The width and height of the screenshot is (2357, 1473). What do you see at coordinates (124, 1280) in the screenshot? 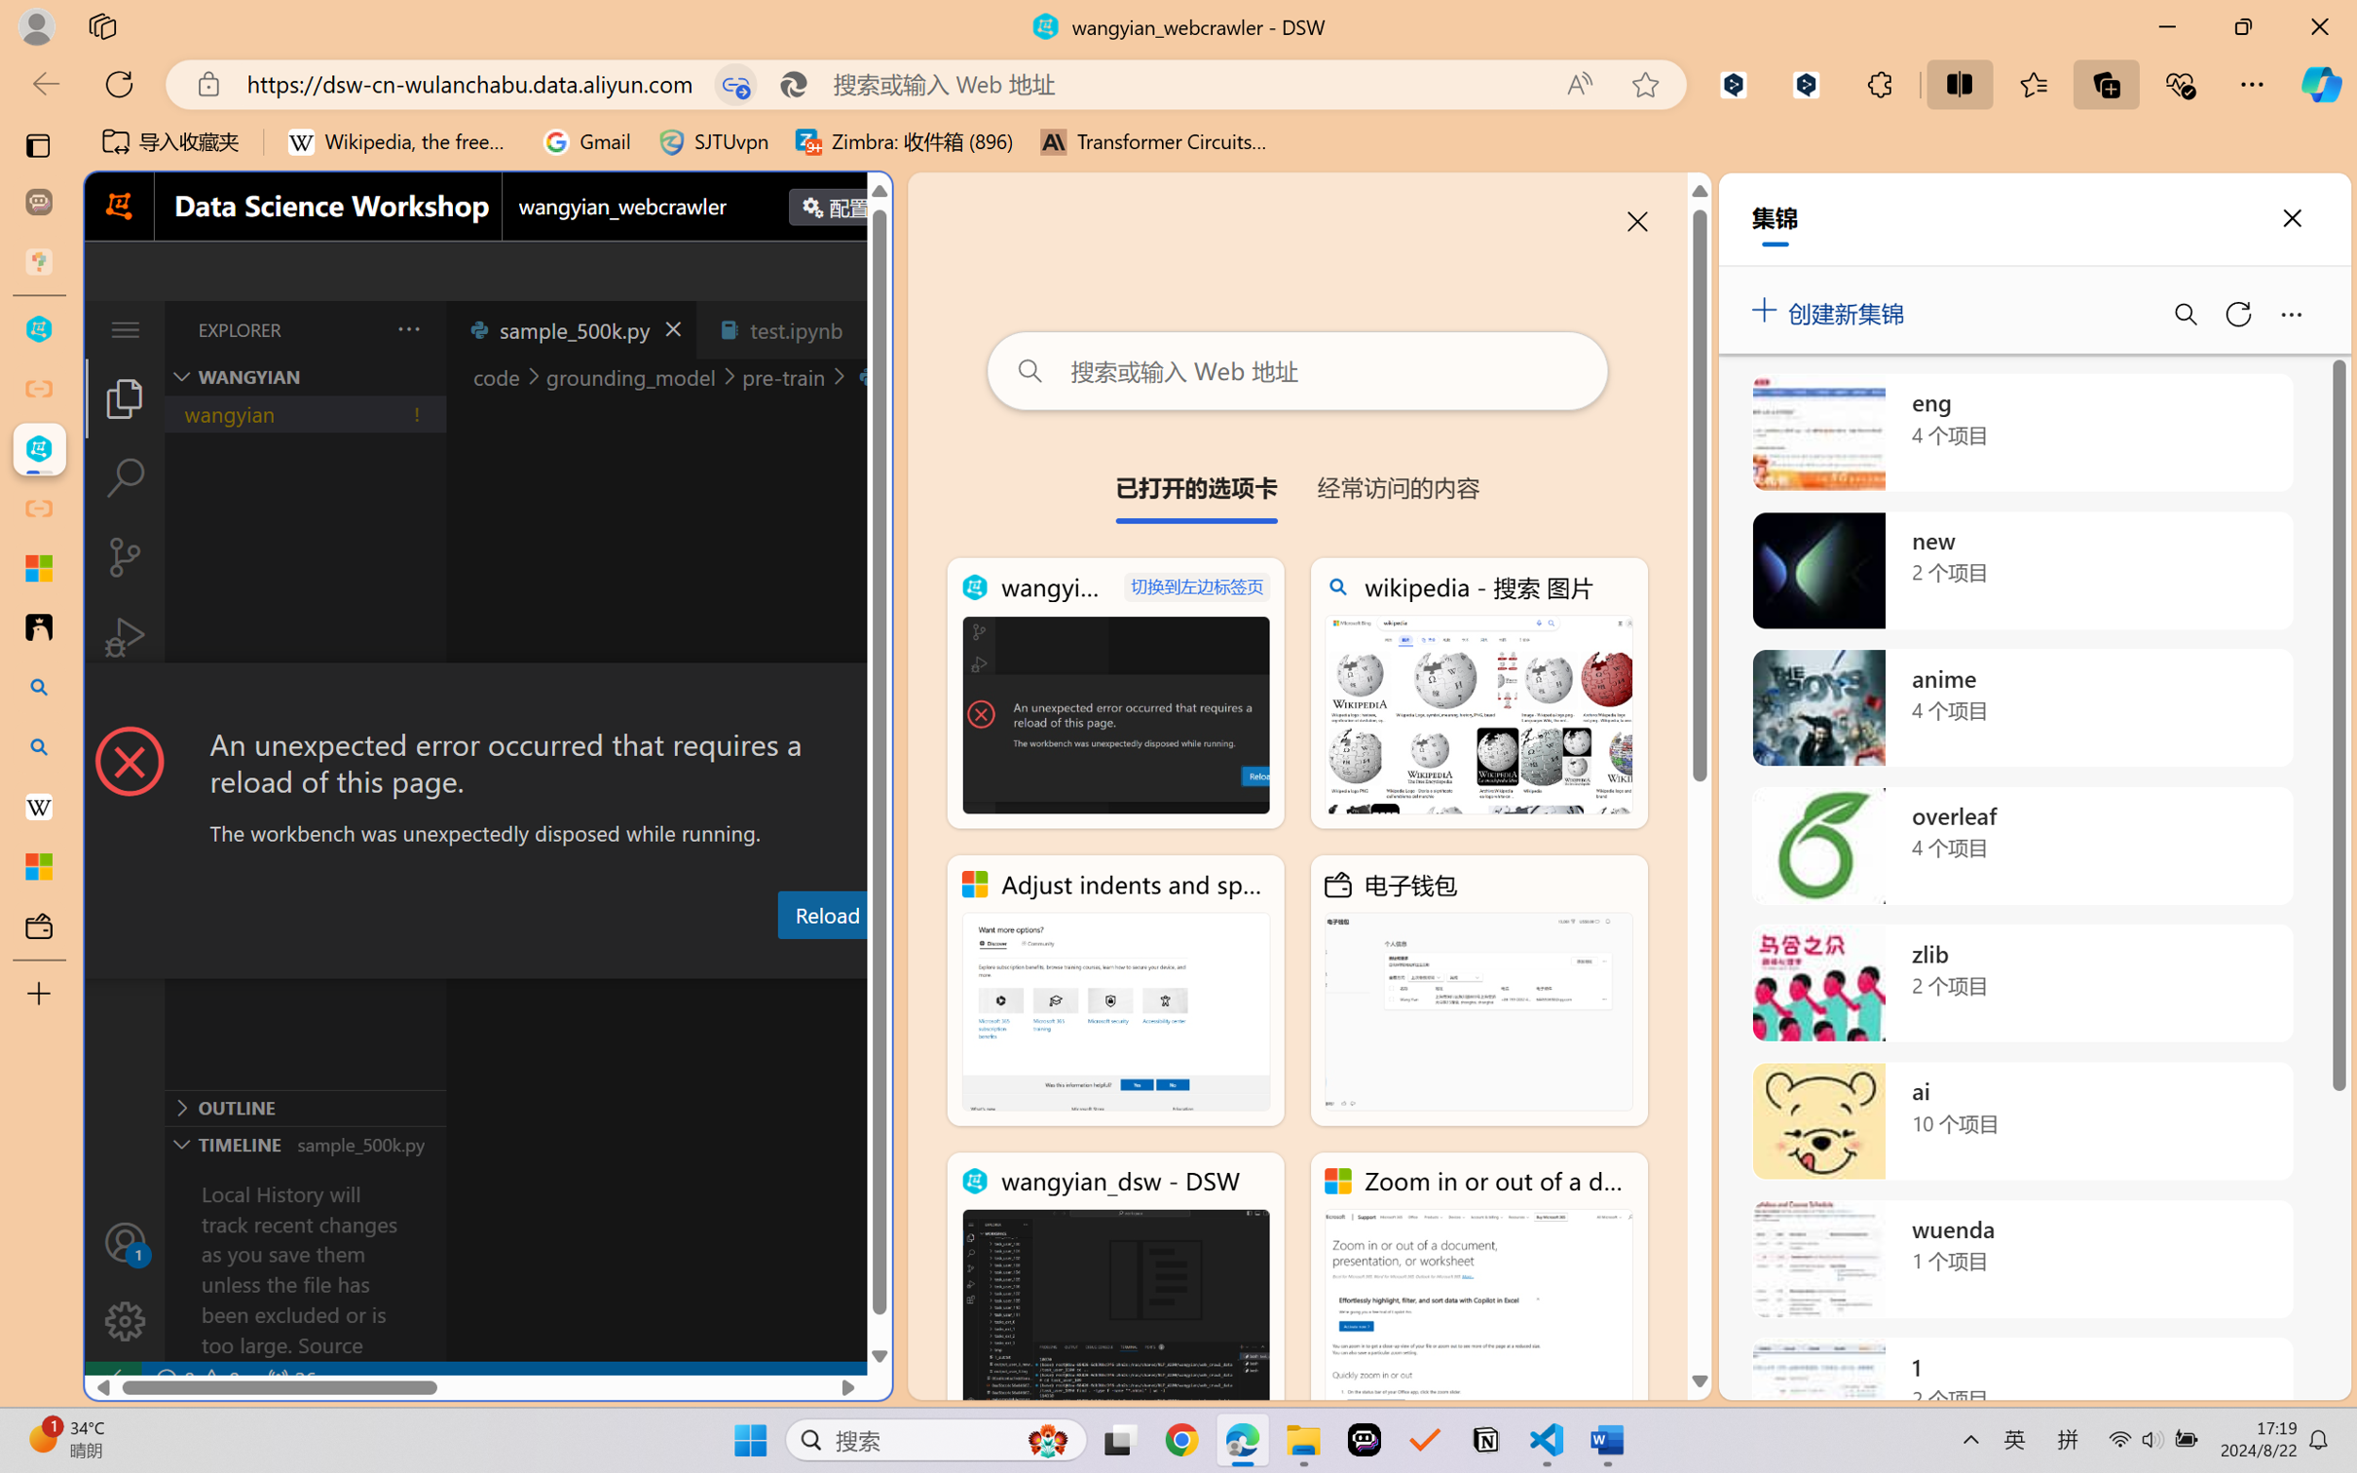
I see `'Manage'` at bounding box center [124, 1280].